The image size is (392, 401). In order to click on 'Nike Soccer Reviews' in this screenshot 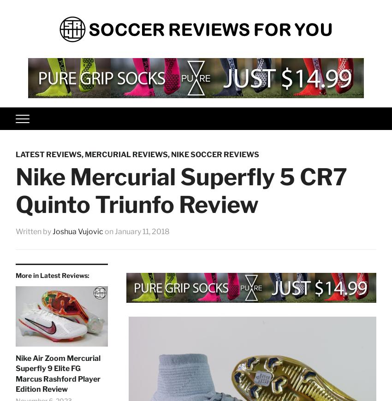, I will do `click(214, 154)`.